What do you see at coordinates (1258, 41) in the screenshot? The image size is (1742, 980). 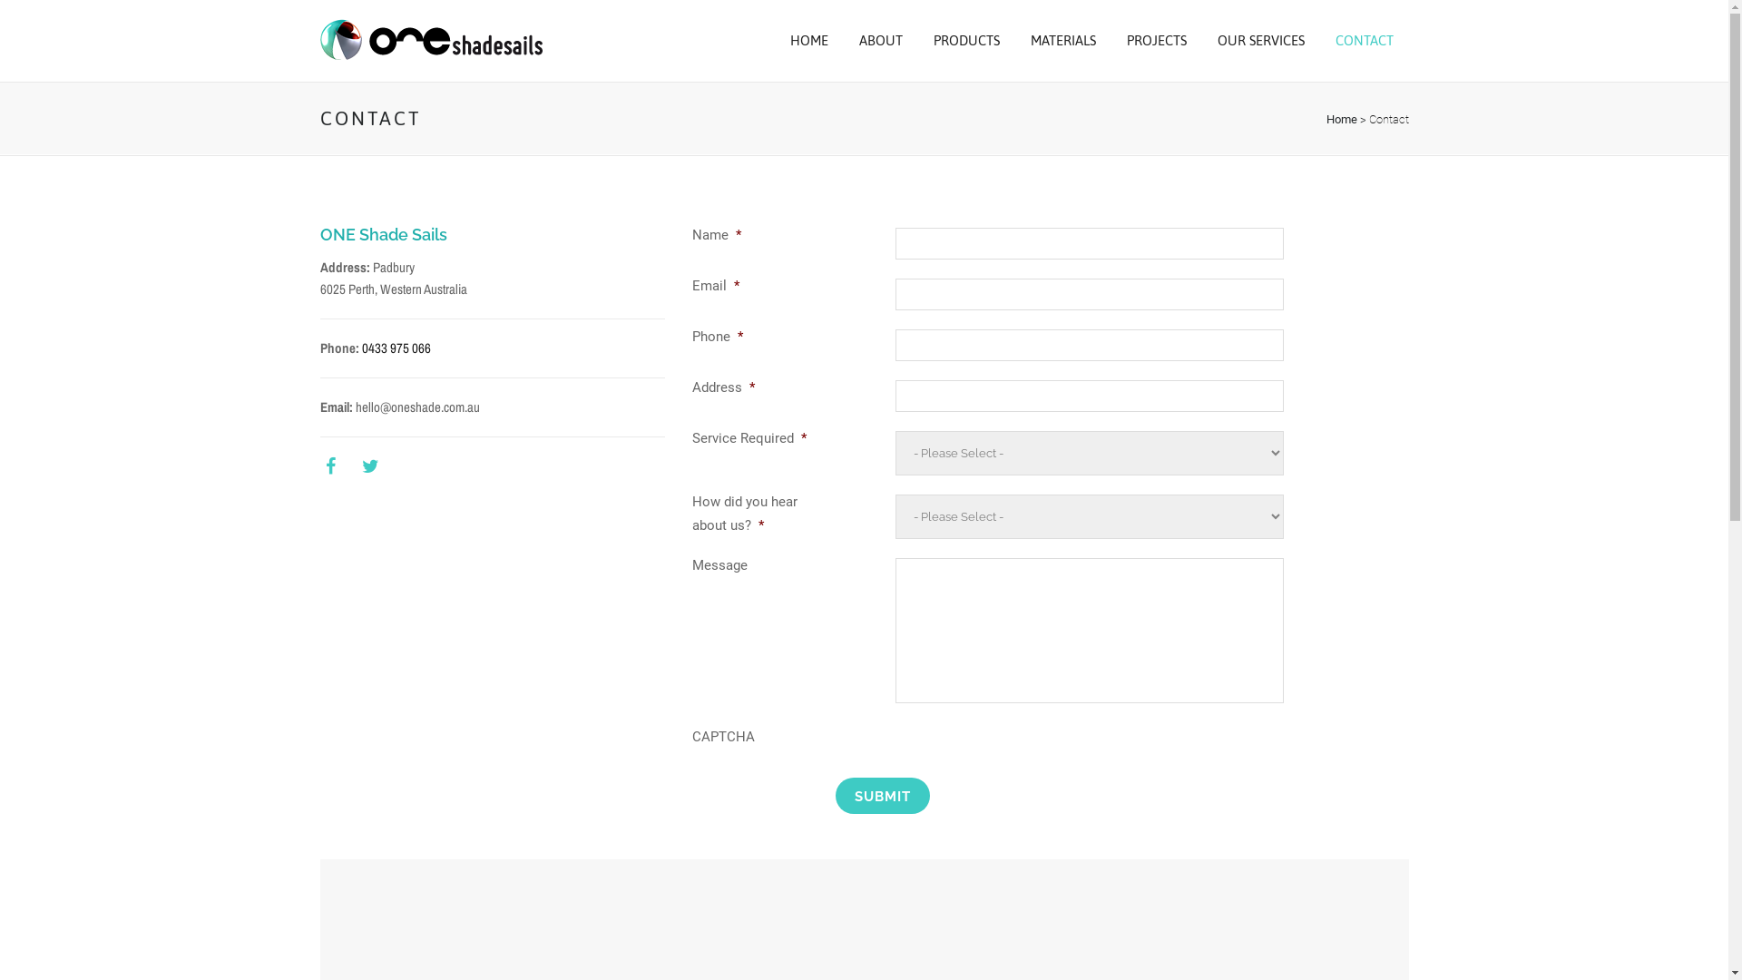 I see `'OUR SERVICES'` at bounding box center [1258, 41].